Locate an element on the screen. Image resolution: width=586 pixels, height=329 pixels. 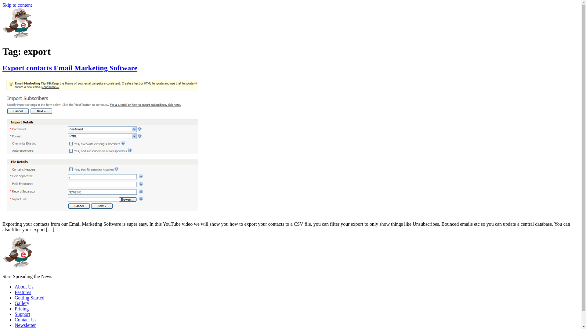
'Export contacts Email Marketing Software' is located at coordinates (2, 68).